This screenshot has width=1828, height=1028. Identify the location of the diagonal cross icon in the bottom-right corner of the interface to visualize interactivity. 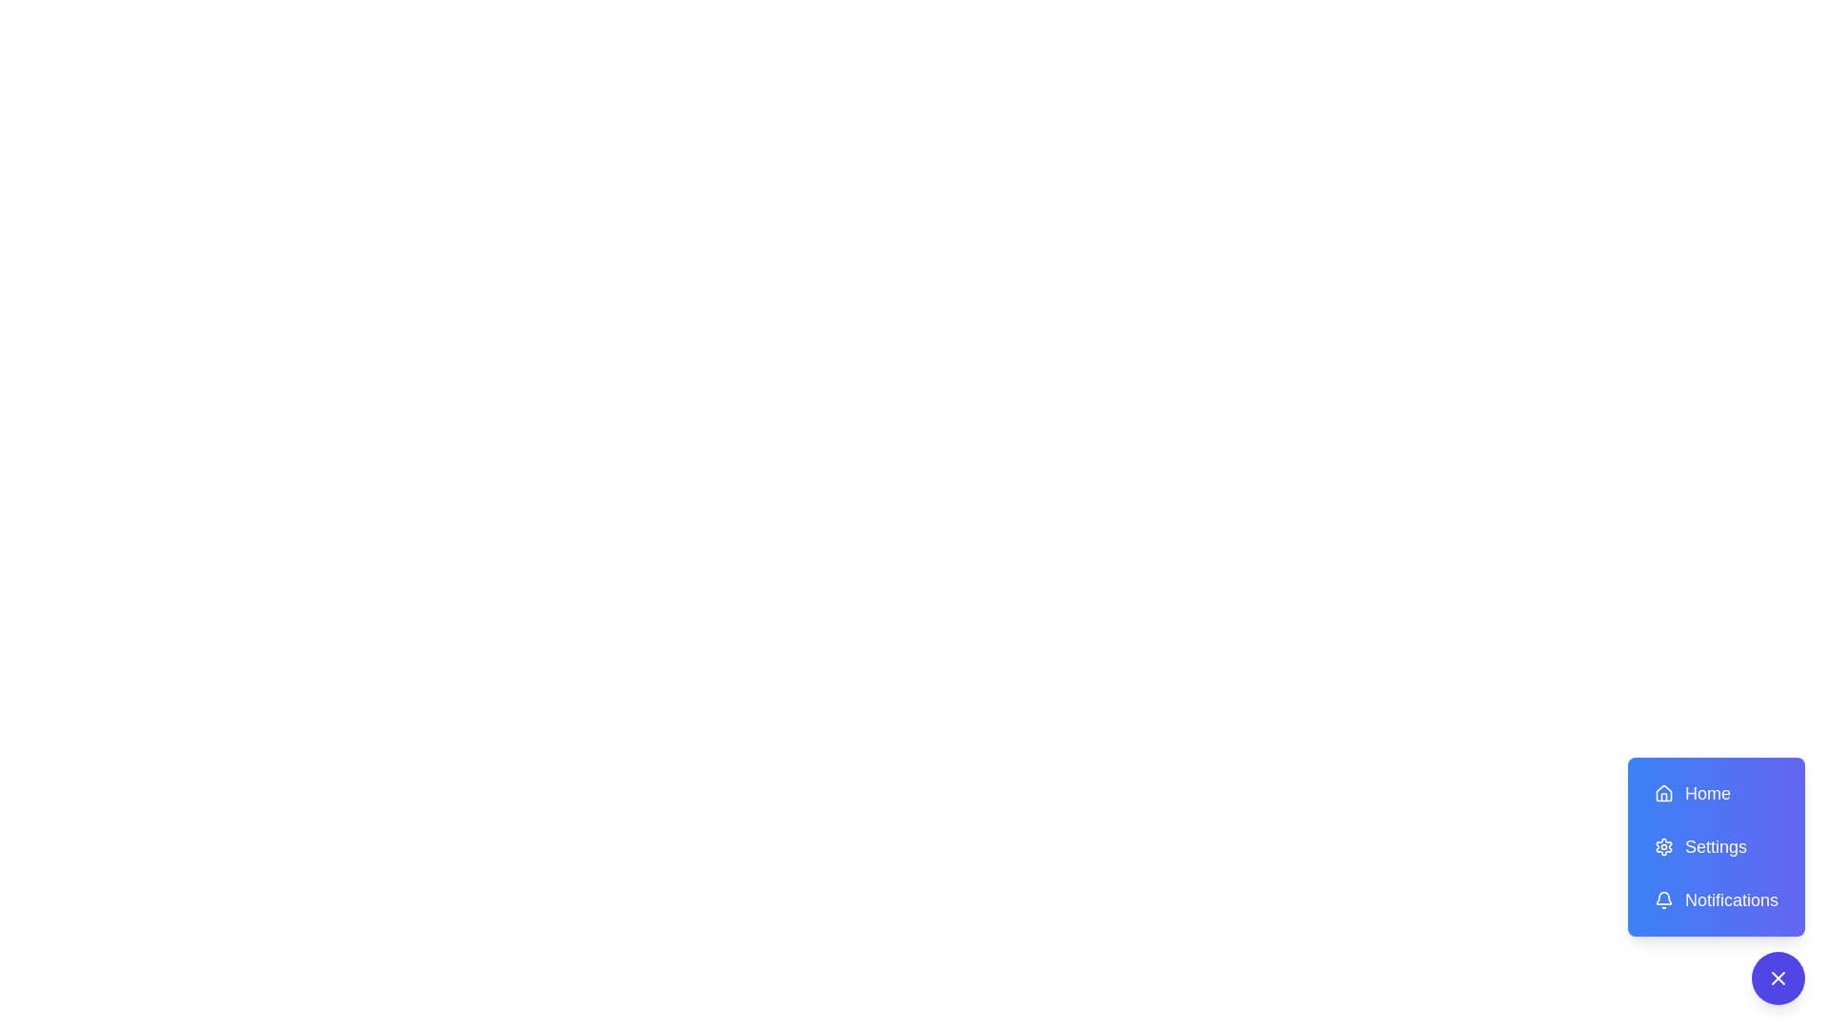
(1777, 979).